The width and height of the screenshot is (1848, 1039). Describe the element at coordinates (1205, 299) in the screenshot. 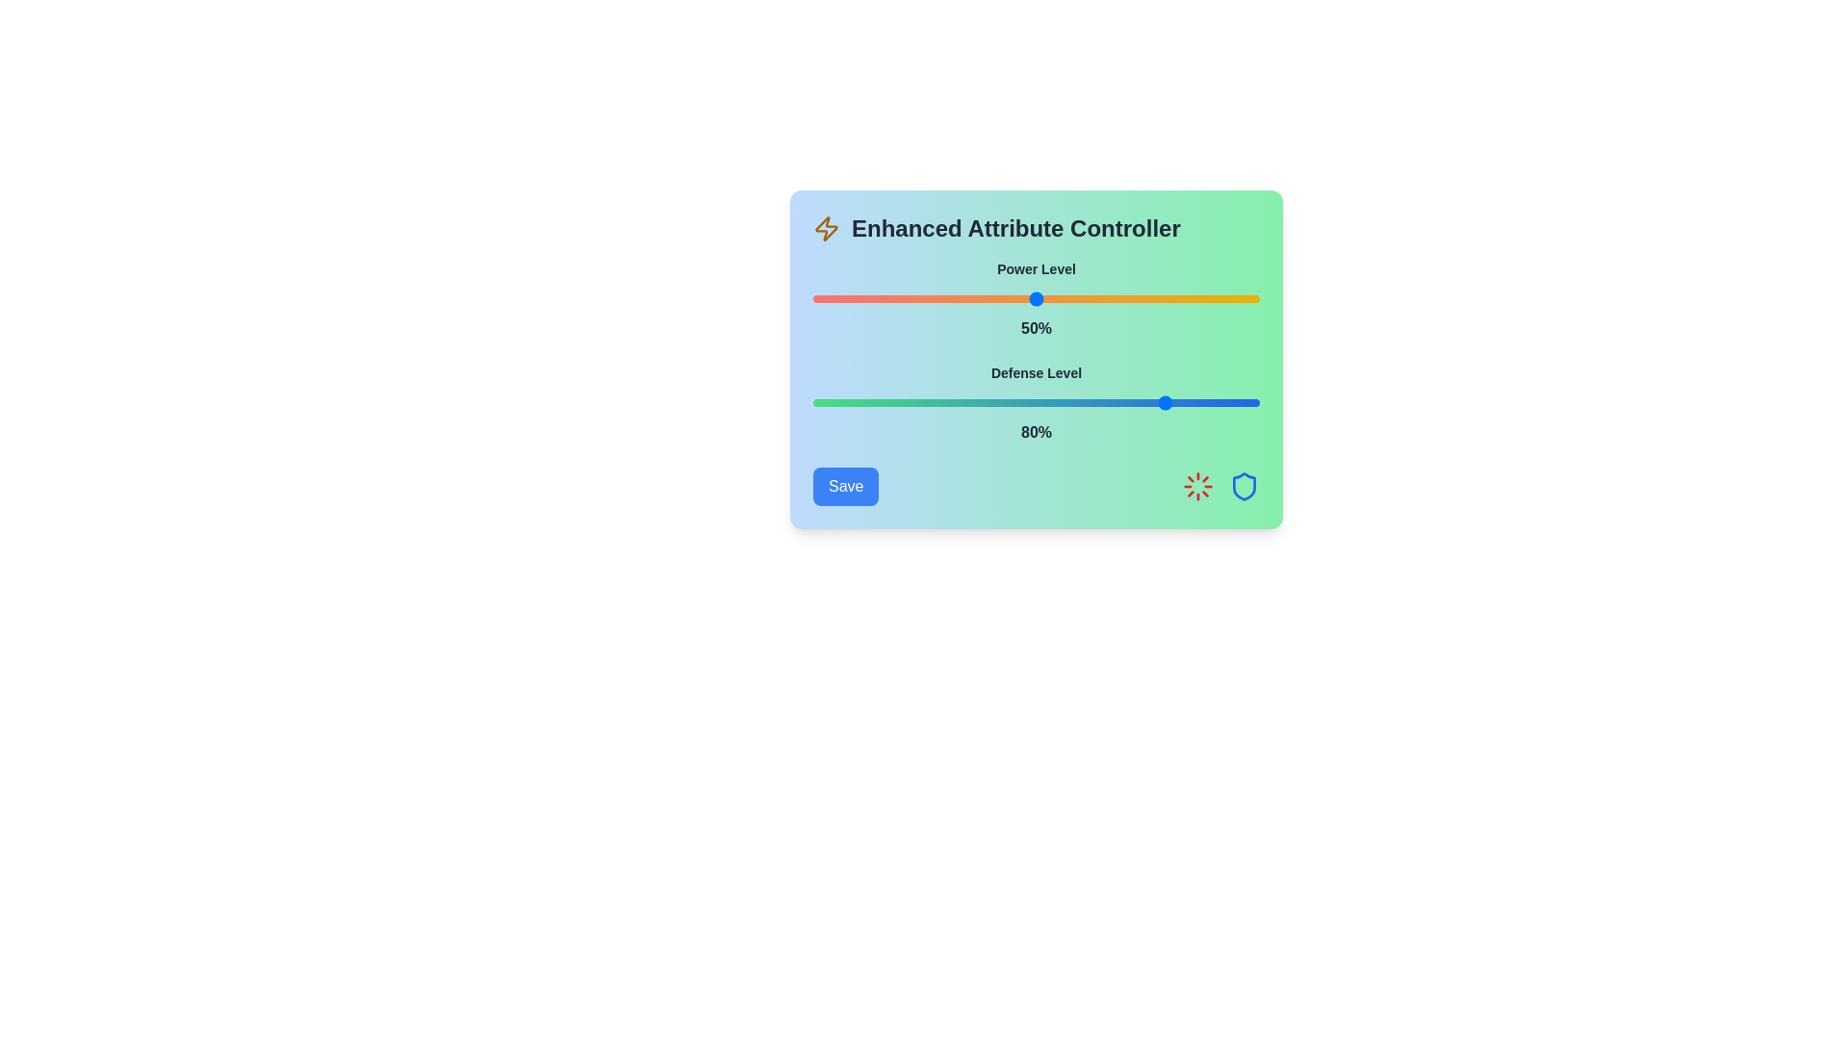

I see `the Power Level slider to 88%` at that location.